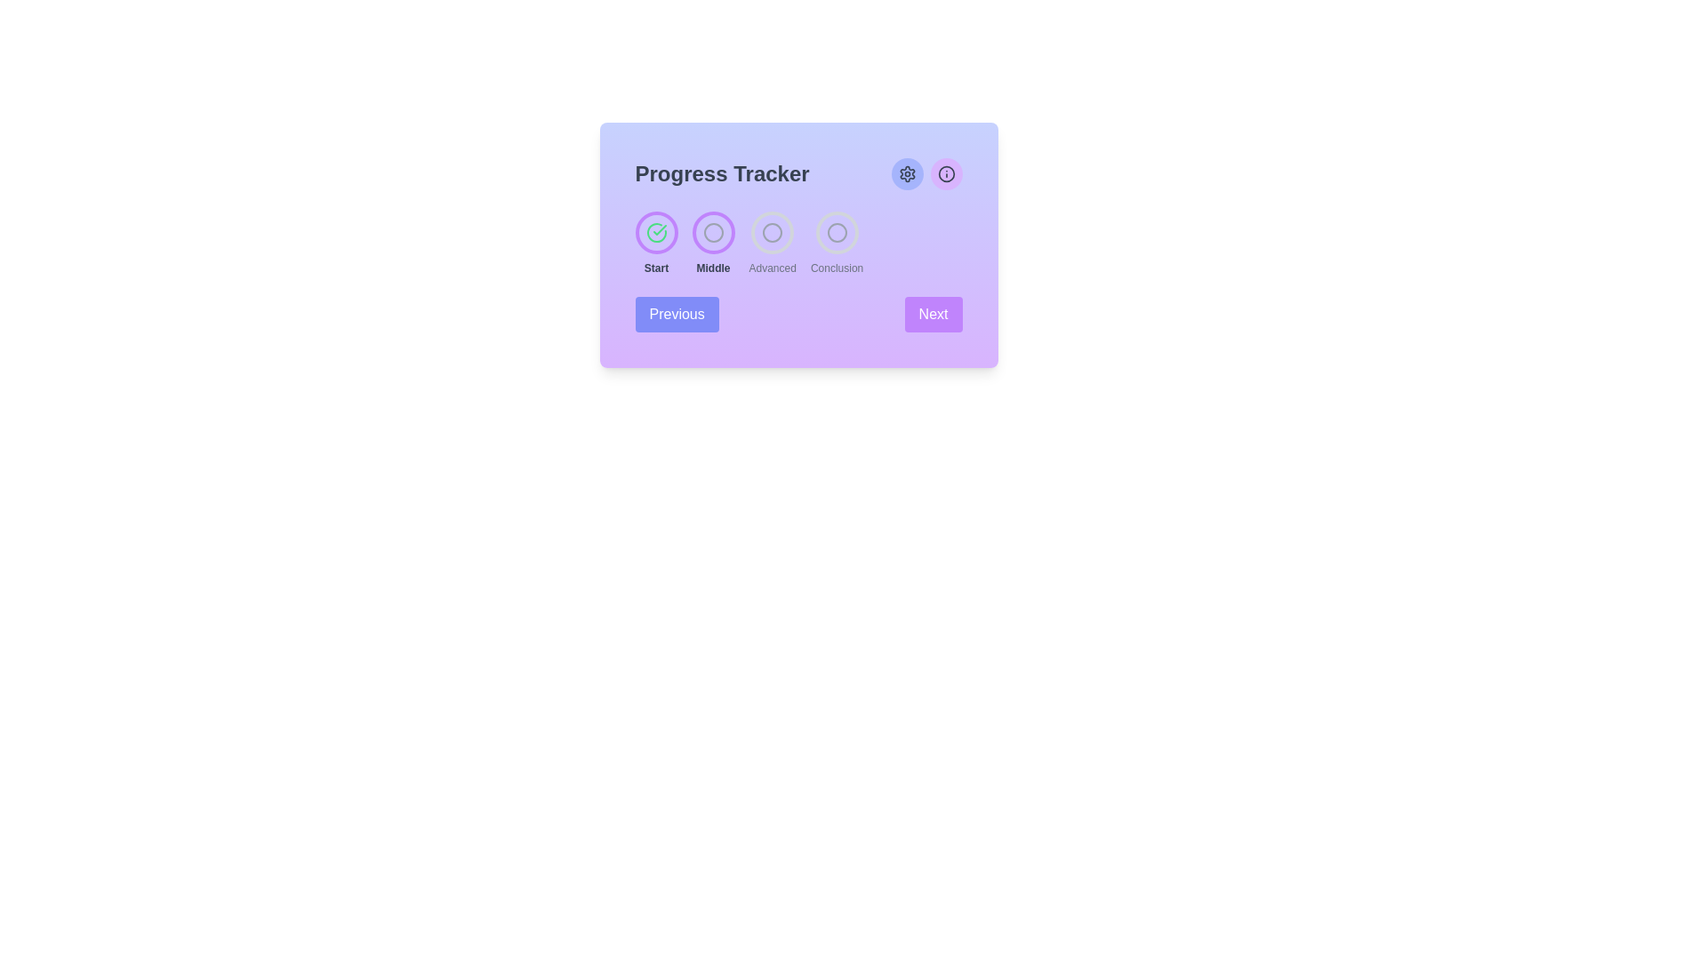  Describe the element at coordinates (836, 232) in the screenshot. I see `the fourth circular progress marker in a series of step indicators, which is styled as a hollow circle and positioned next to the 'Conclusion' label` at that location.